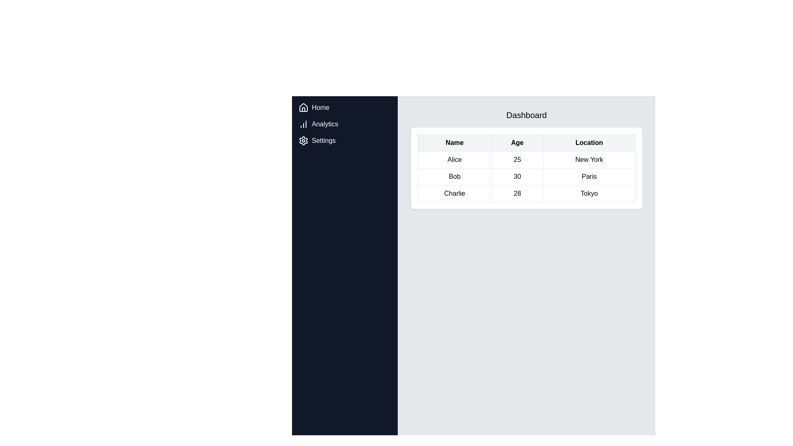  Describe the element at coordinates (517, 194) in the screenshot. I see `the Text Display element showing the number '28' in the Age column of the table, which is aligned horizontally with 'Charlie' and 'Tokyo'` at that location.